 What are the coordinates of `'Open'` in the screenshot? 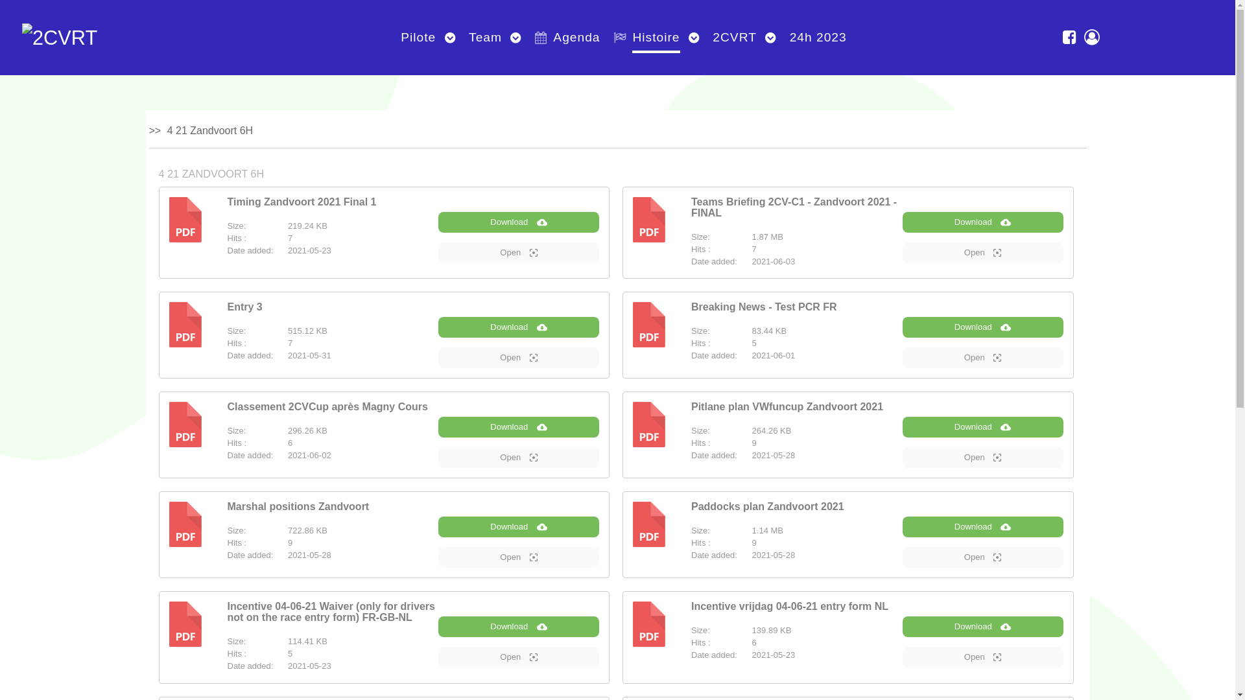 It's located at (983, 456).